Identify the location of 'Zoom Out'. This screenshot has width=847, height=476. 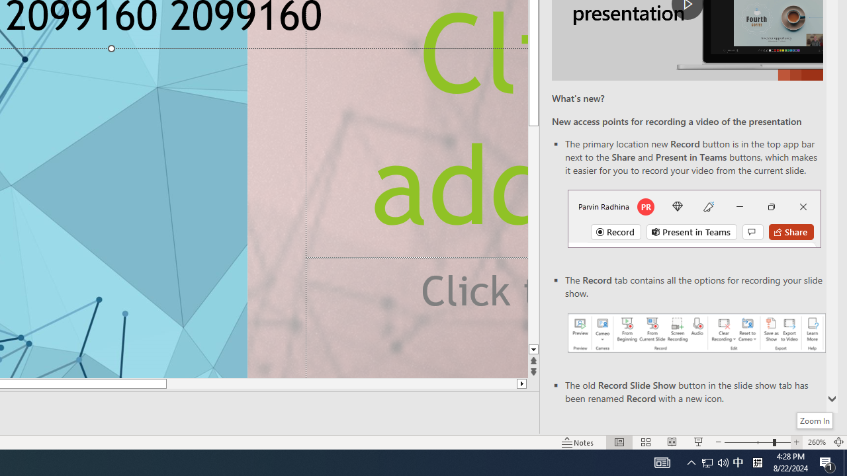
(748, 442).